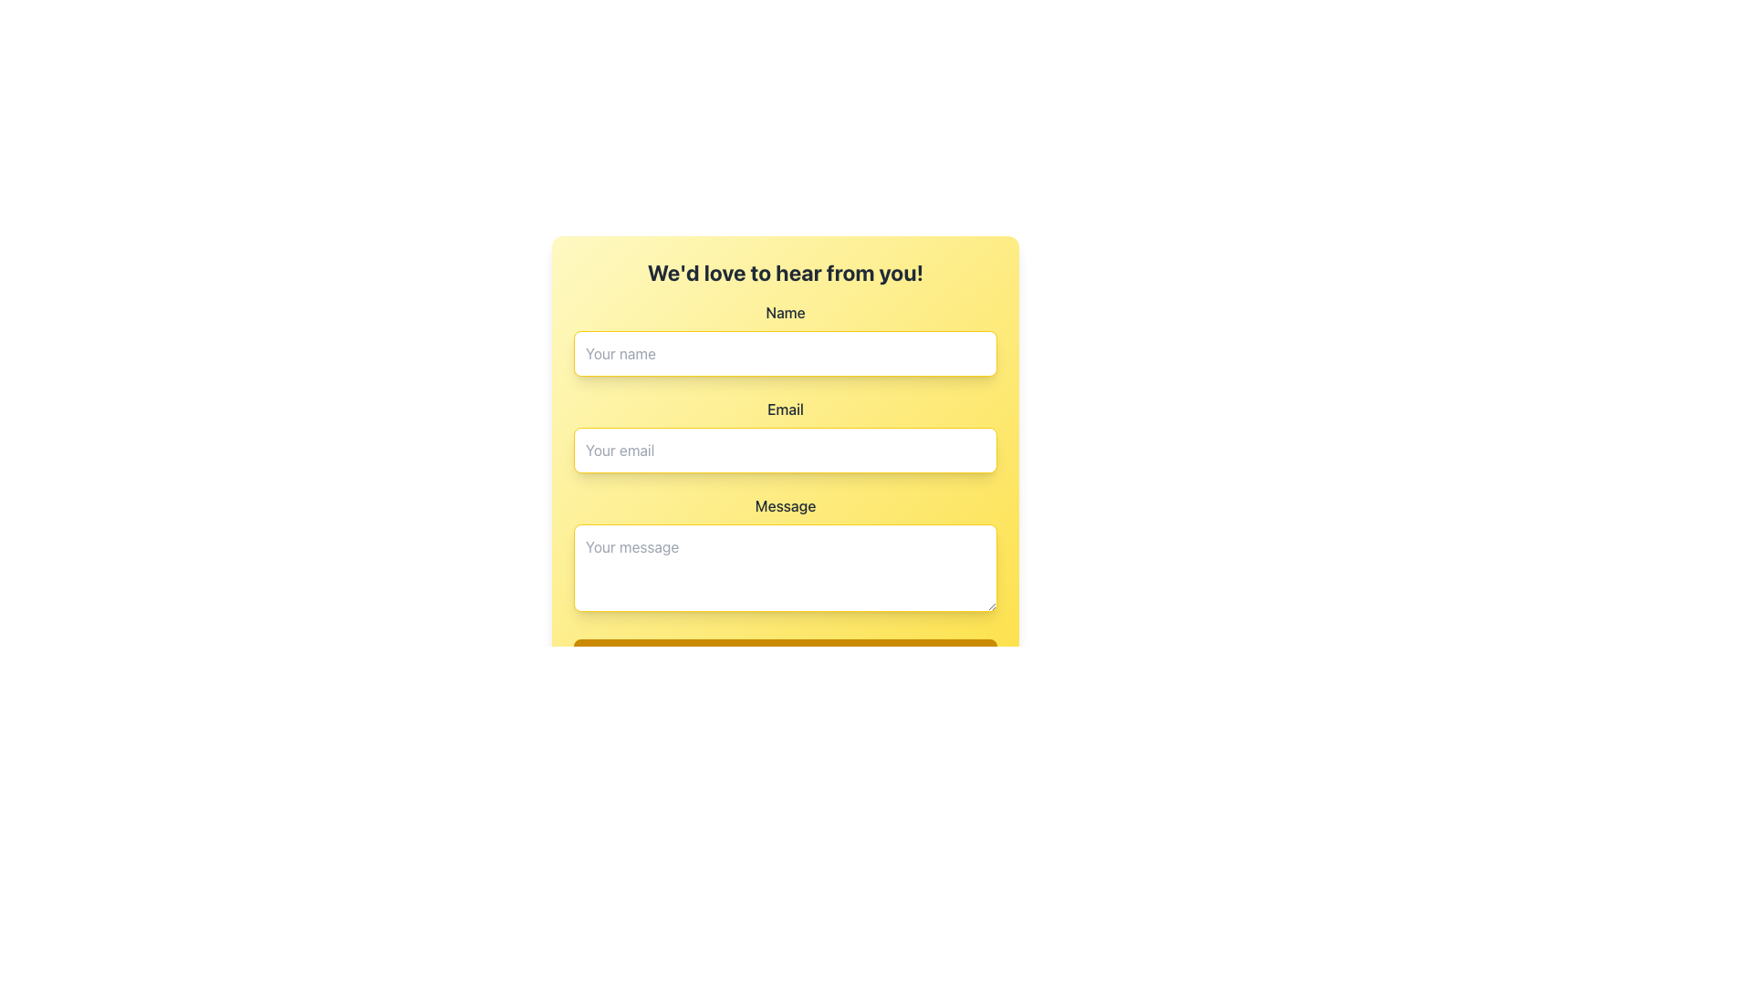 The image size is (1752, 985). I want to click on the label that contains the text 'Message', which is styled with a large bold font on a yellow background, located between the 'Email' field and the 'Your message' textarea, so click(785, 506).